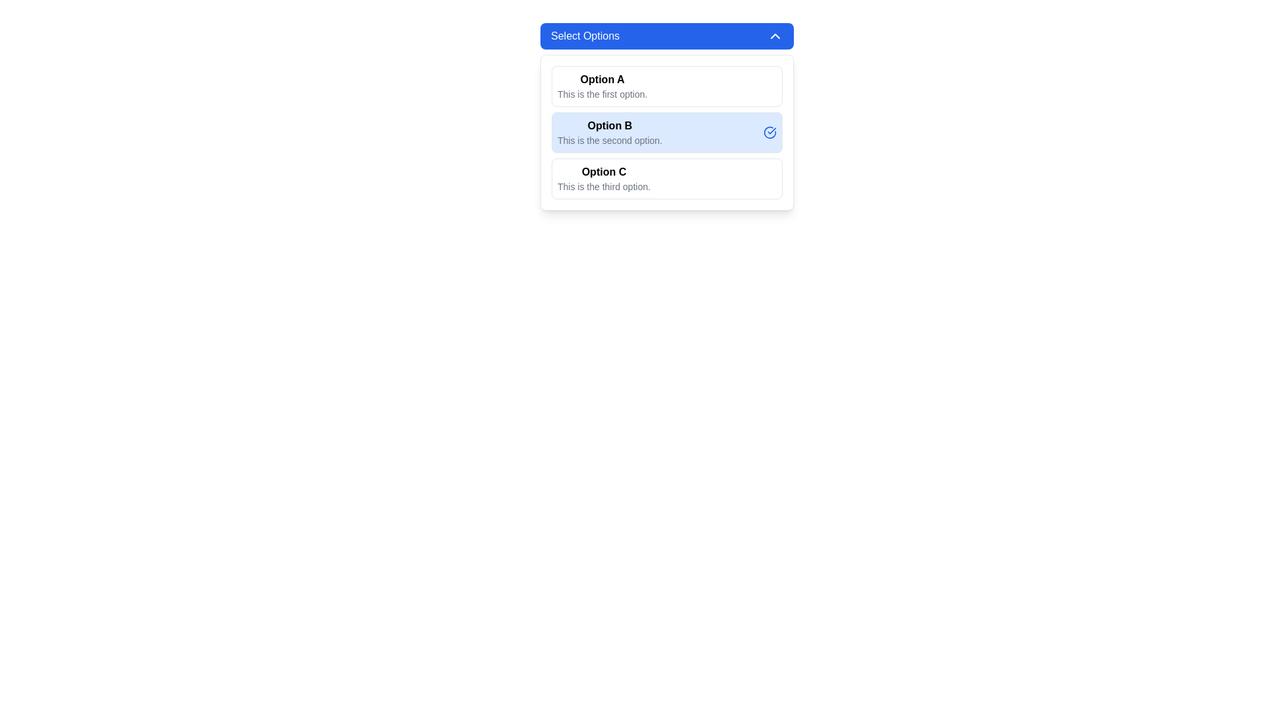 The width and height of the screenshot is (1267, 713). What do you see at coordinates (603, 186) in the screenshot?
I see `the descriptive label related to the 'Option C' selection, located below the header text 'Option C' as the last element in the grouped list` at bounding box center [603, 186].